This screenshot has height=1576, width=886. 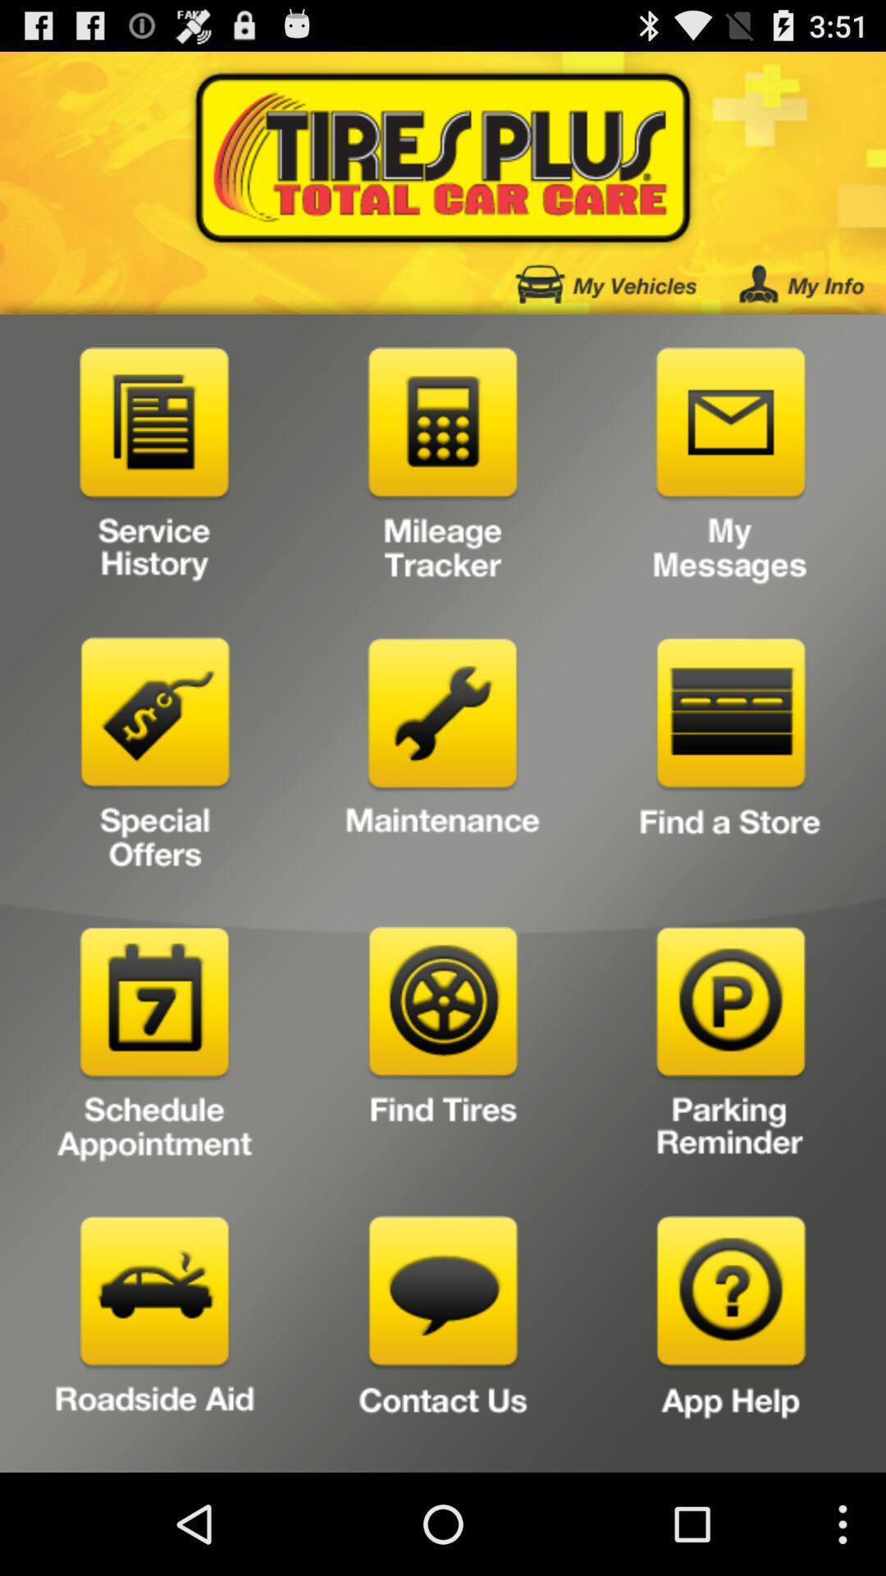 What do you see at coordinates (443, 1338) in the screenshot?
I see `choose contact icon` at bounding box center [443, 1338].